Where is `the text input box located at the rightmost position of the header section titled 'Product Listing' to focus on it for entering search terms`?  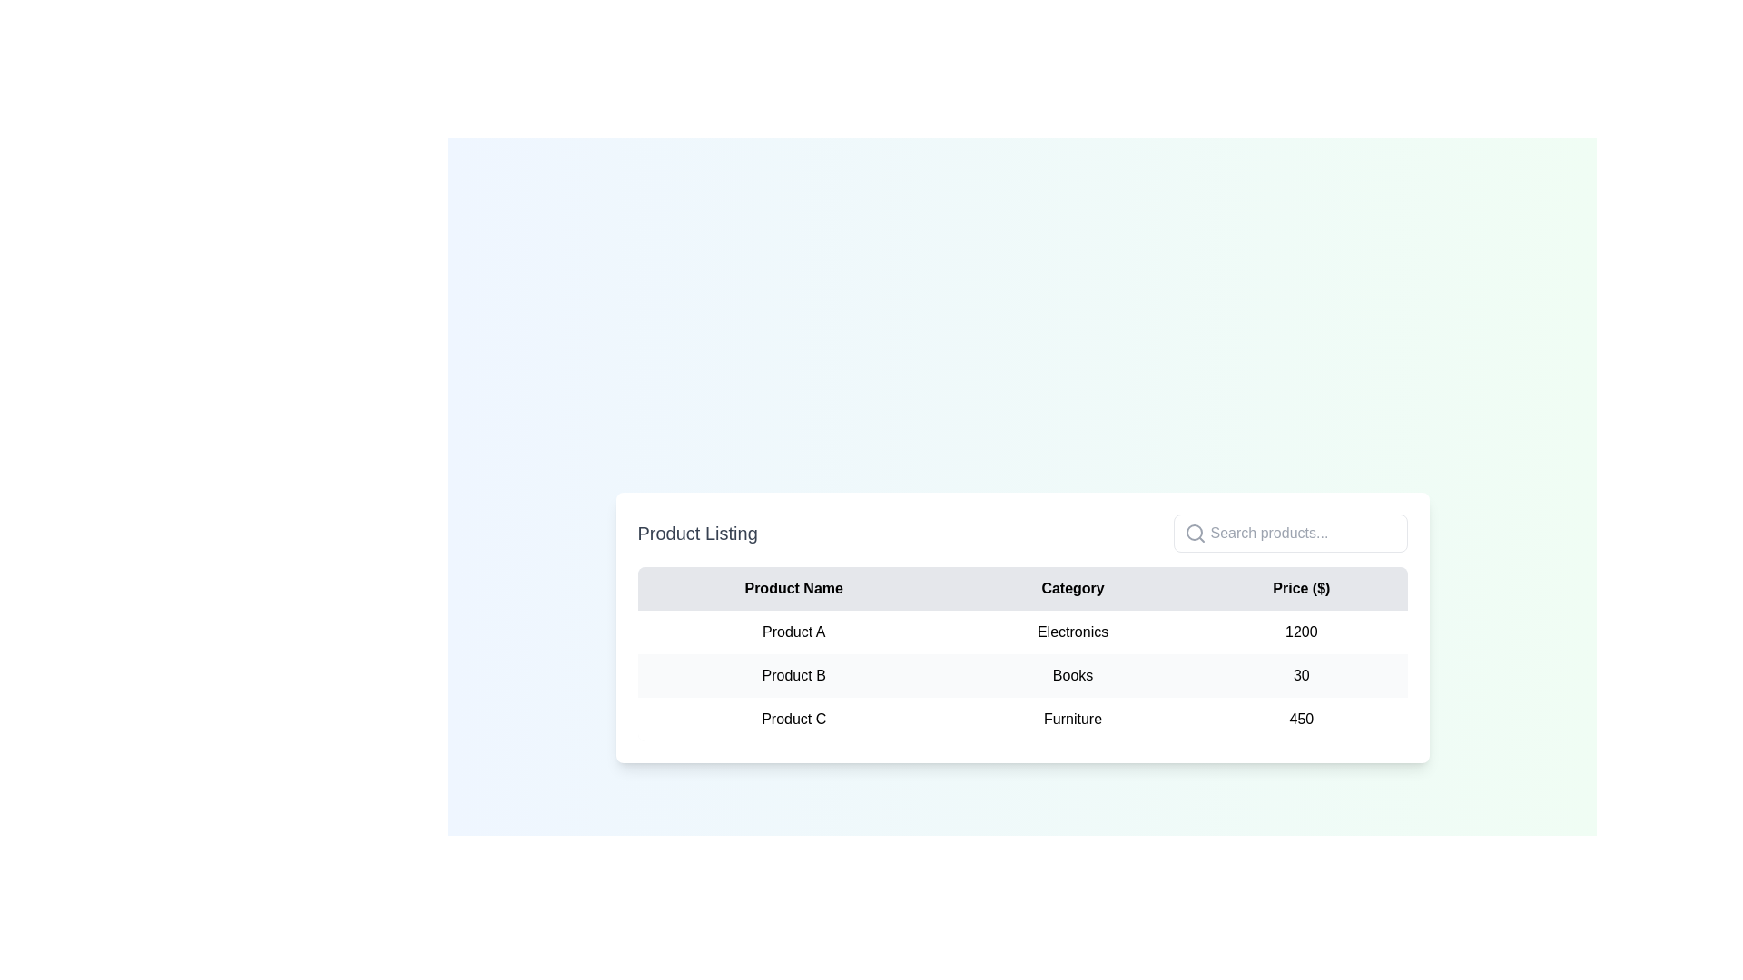 the text input box located at the rightmost position of the header section titled 'Product Listing' to focus on it for entering search terms is located at coordinates (1289, 532).